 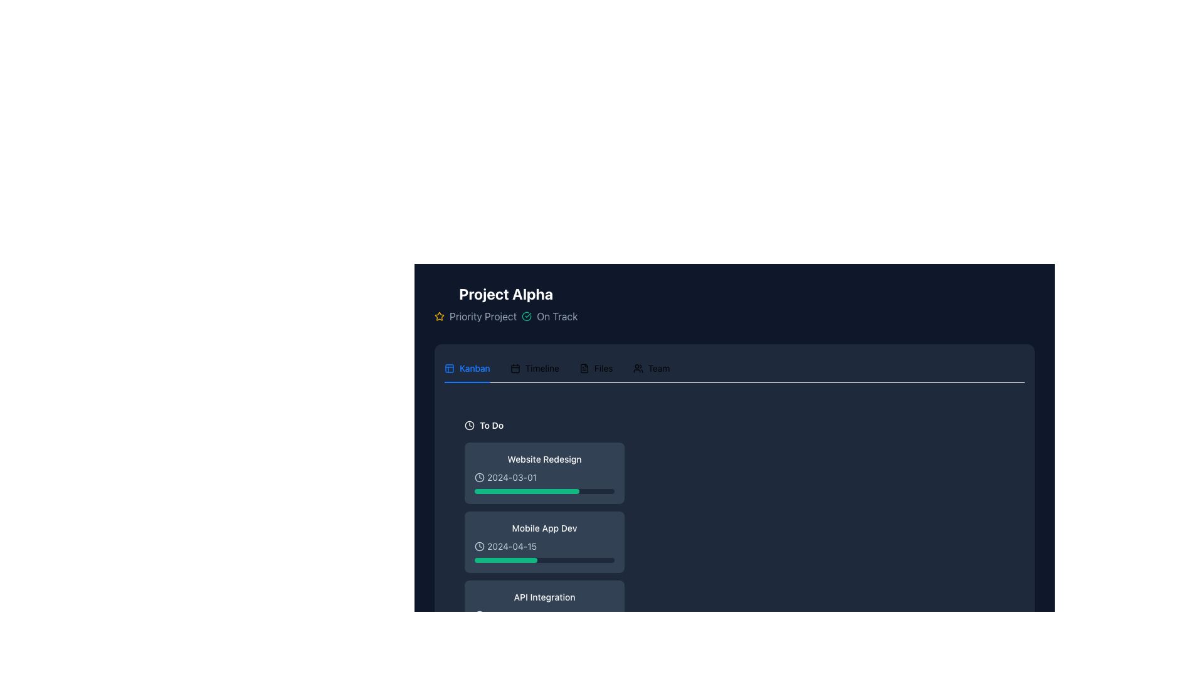 I want to click on the Task Card labeled 'API Integration', so click(x=544, y=611).